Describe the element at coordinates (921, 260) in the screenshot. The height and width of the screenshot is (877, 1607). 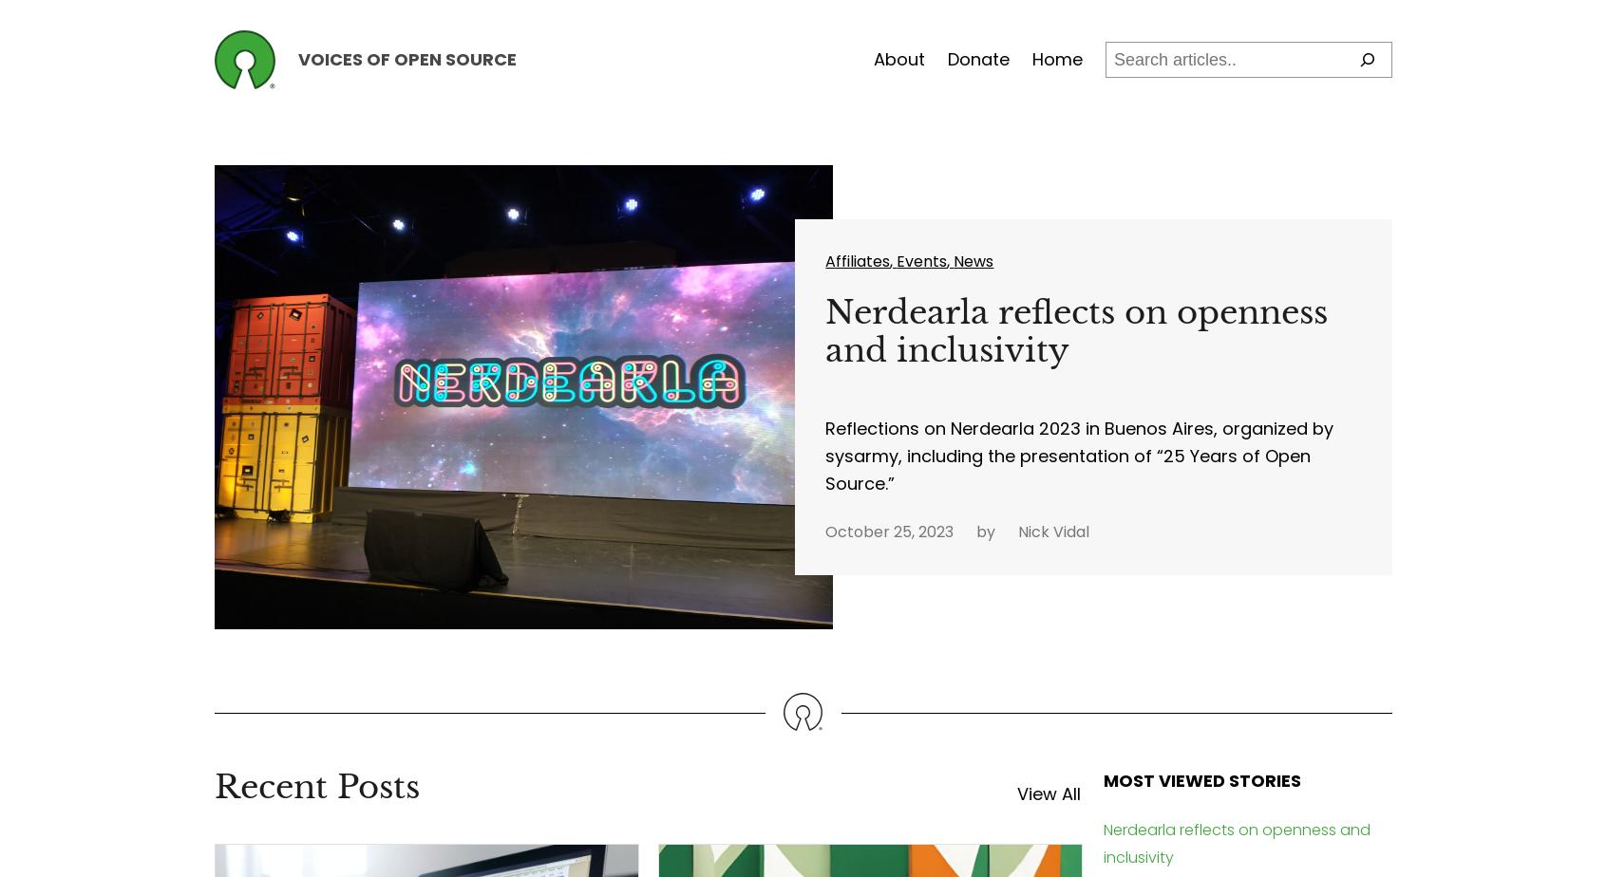
I see `'Events'` at that location.